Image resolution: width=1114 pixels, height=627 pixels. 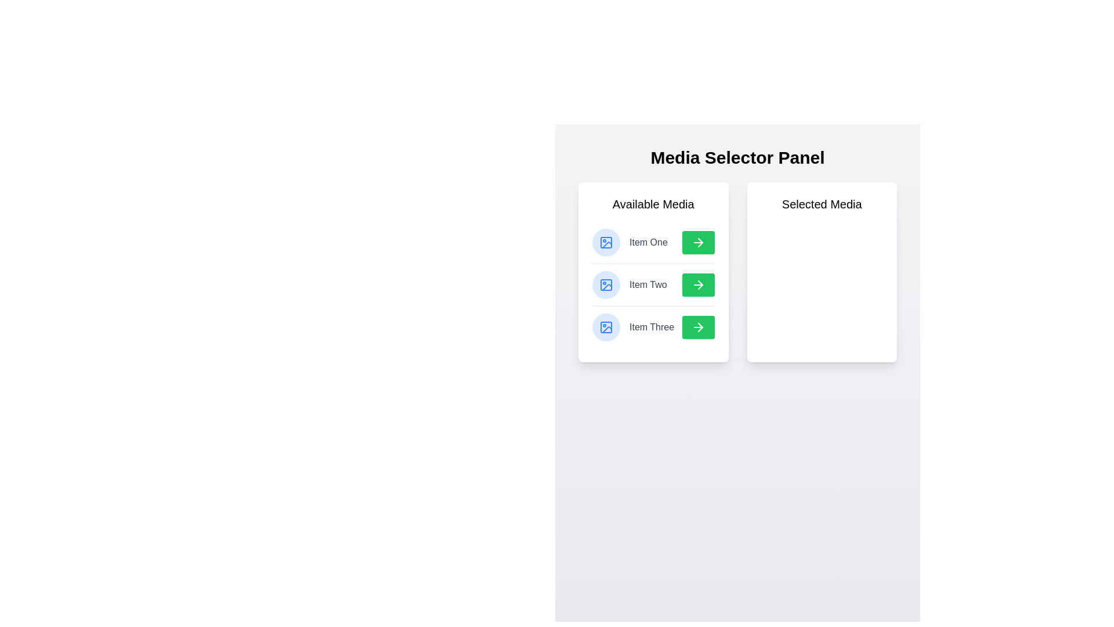 What do you see at coordinates (632, 327) in the screenshot?
I see `the 'Item Three' option in the media selector list` at bounding box center [632, 327].